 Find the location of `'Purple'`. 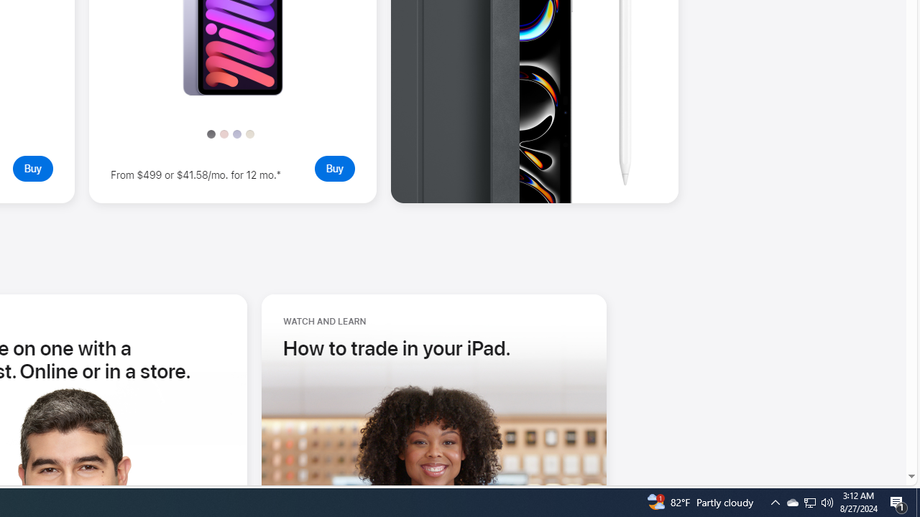

'Purple' is located at coordinates (236, 134).